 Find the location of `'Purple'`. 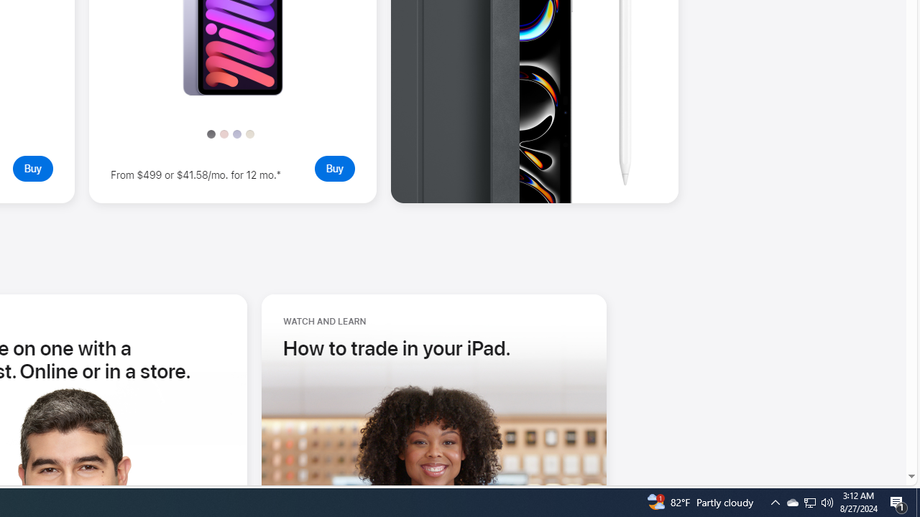

'Purple' is located at coordinates (236, 134).